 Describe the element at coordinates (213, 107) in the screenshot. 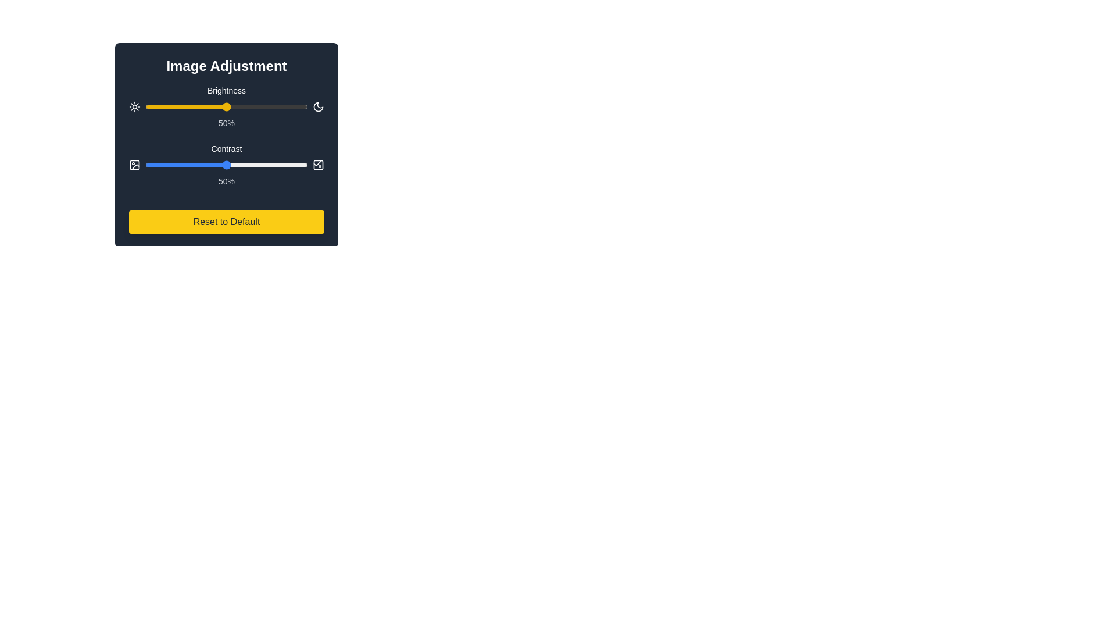

I see `brightness` at that location.